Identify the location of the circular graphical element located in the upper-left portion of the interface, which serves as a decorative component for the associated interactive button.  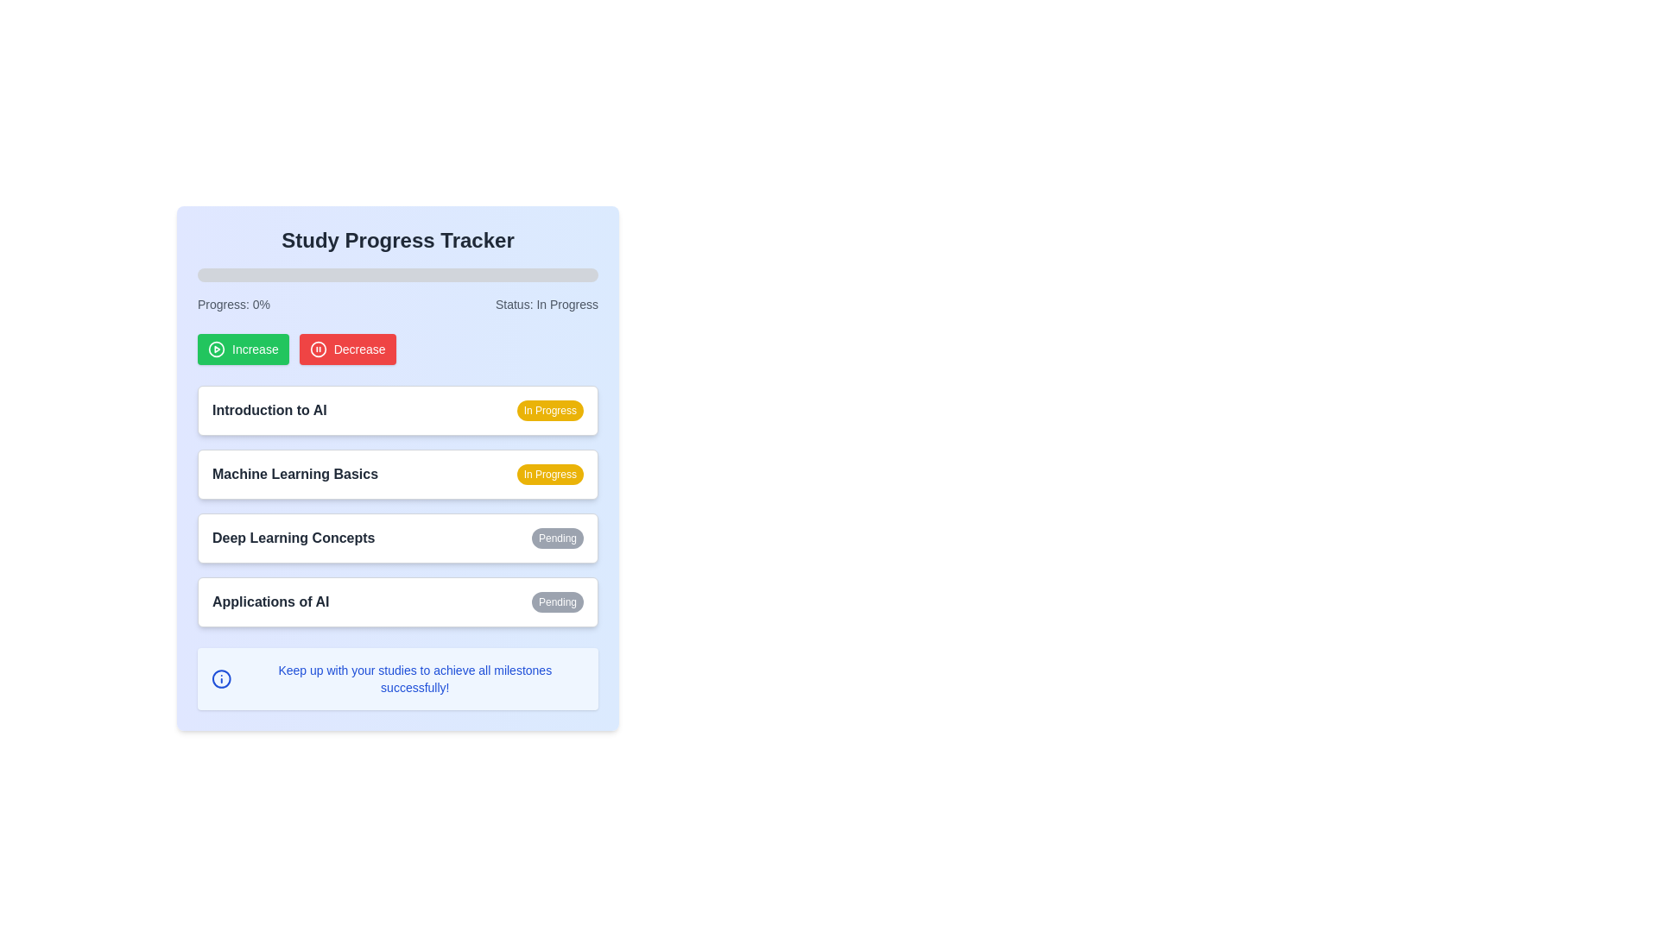
(215, 349).